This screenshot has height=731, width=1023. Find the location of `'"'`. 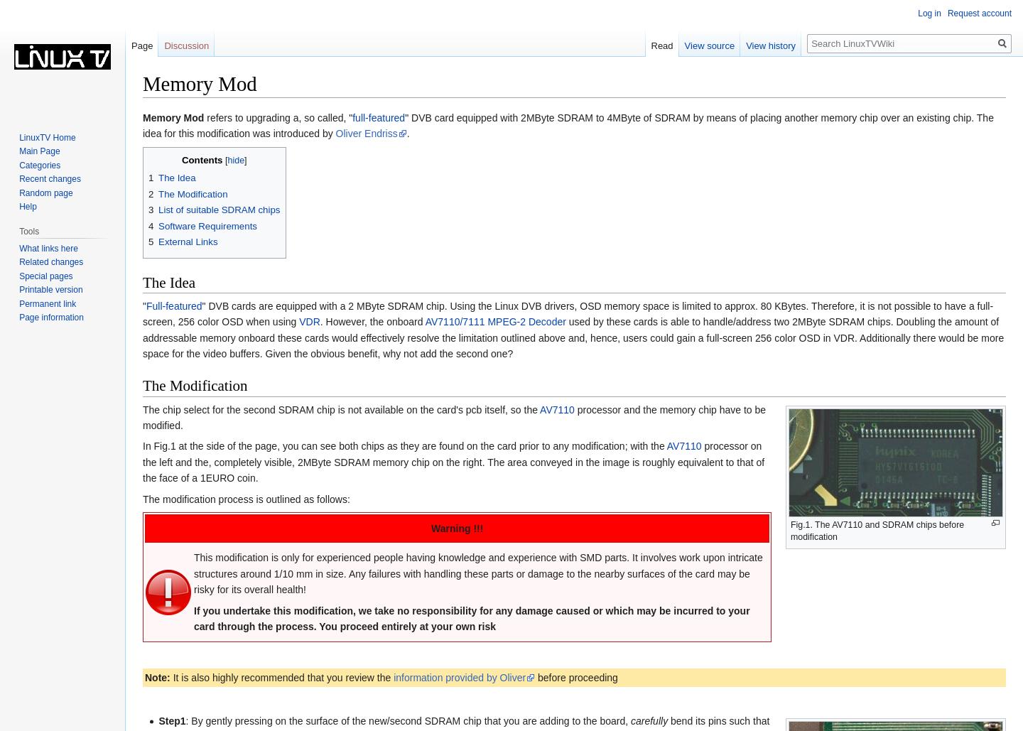

'"' is located at coordinates (144, 305).